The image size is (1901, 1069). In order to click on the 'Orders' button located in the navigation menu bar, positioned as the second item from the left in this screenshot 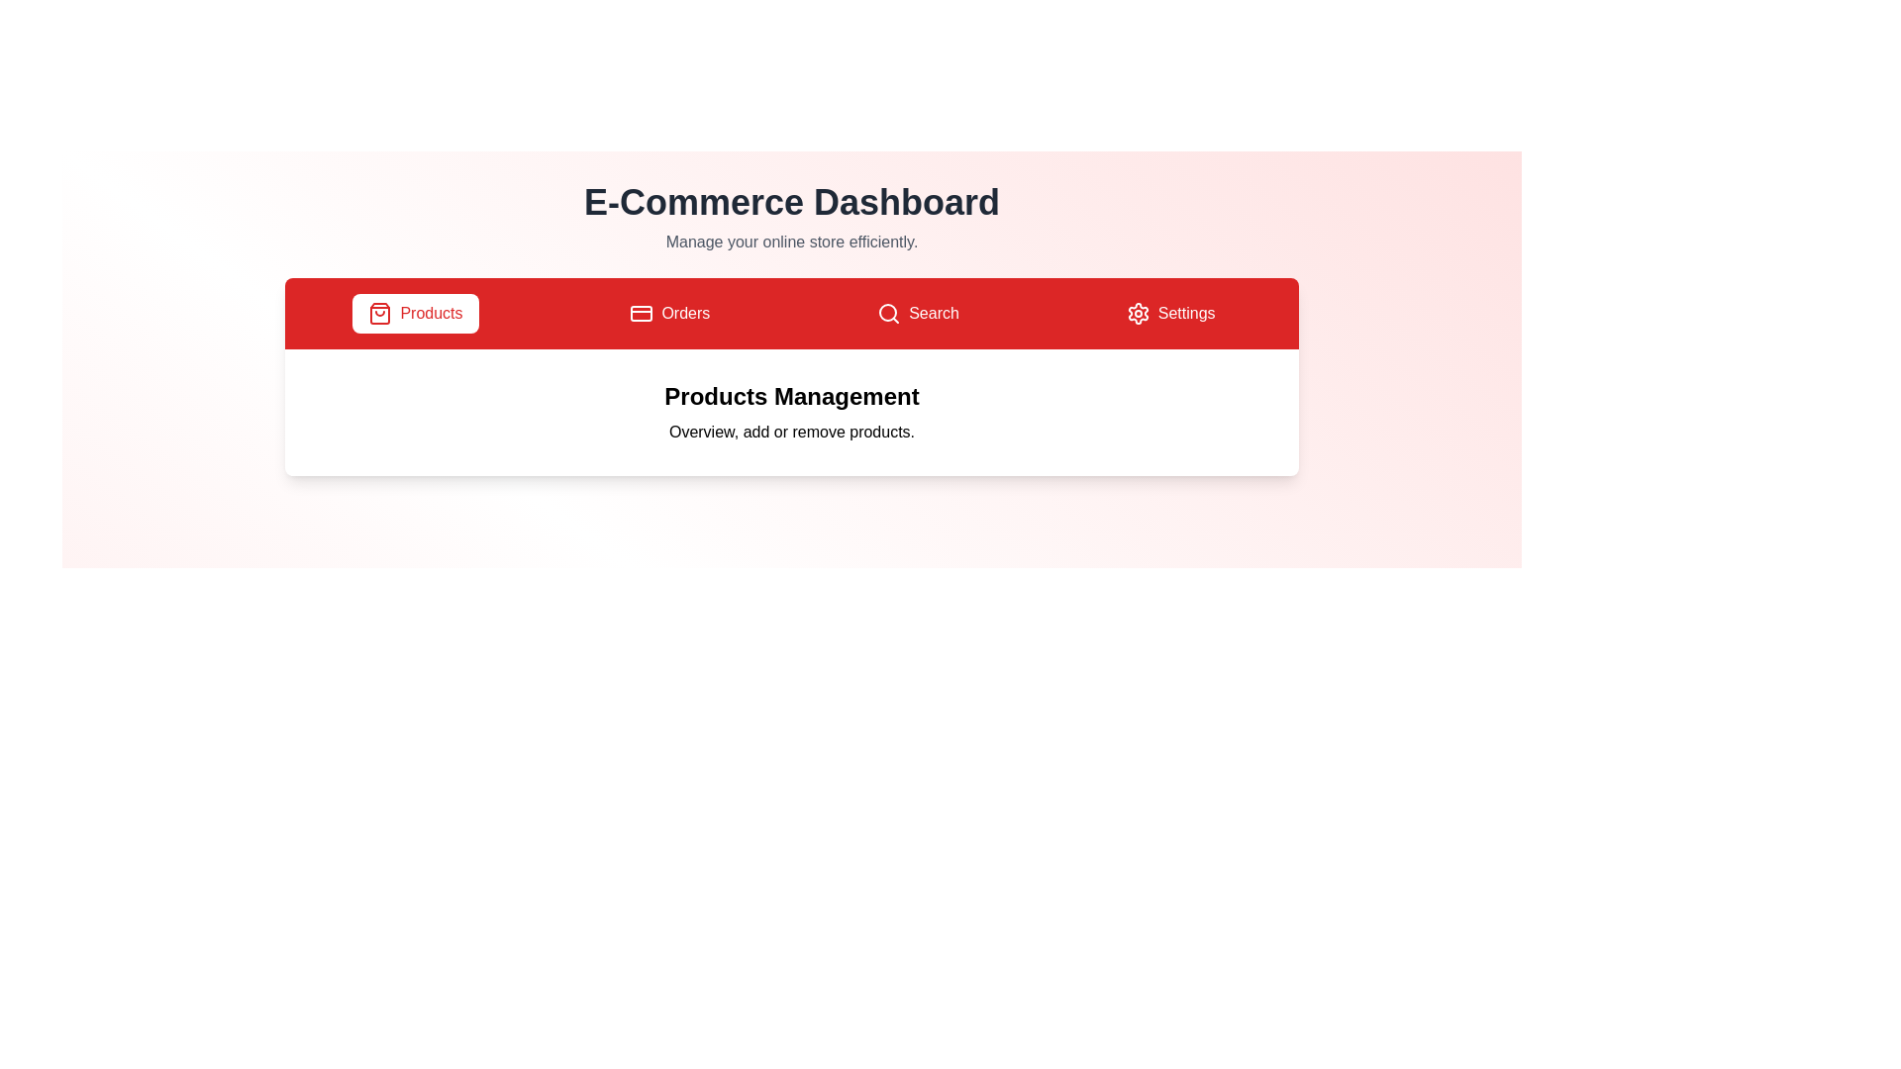, I will do `click(669, 312)`.